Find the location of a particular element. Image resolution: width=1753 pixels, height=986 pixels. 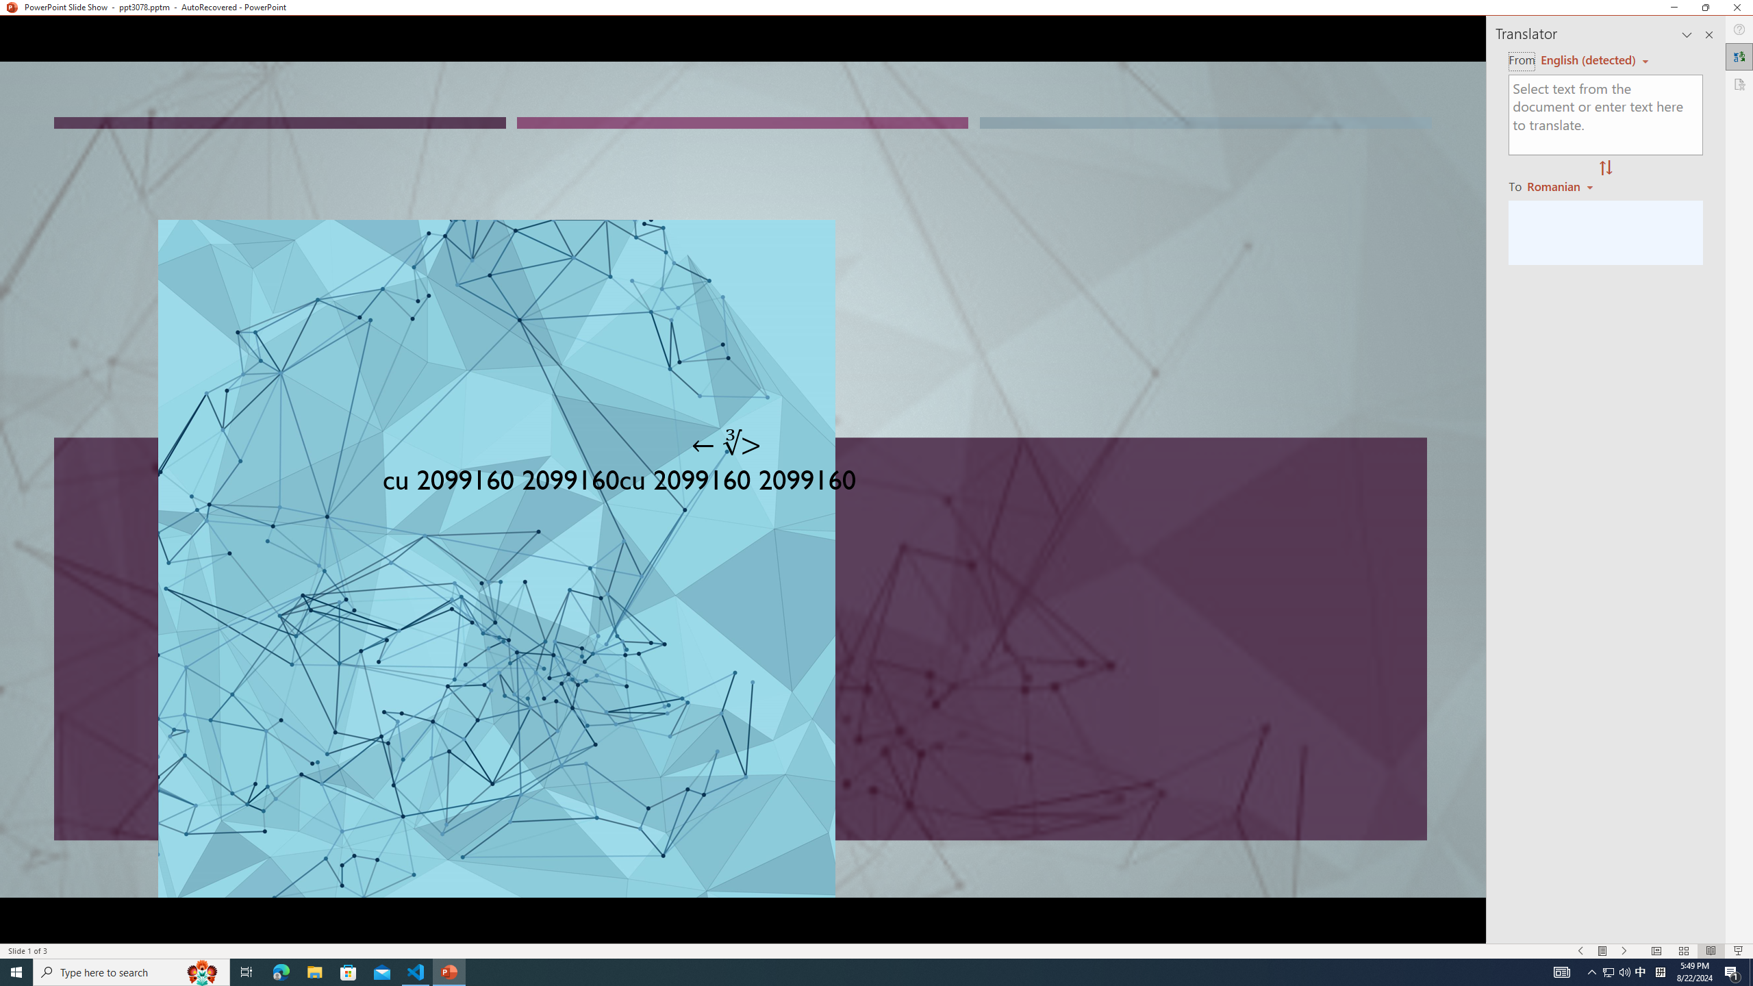

'Romanian' is located at coordinates (1561, 186).